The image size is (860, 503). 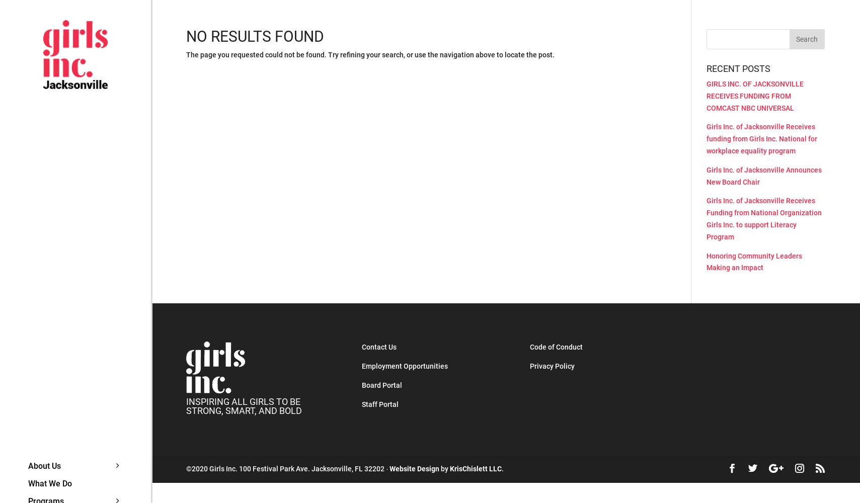 What do you see at coordinates (445, 468) in the screenshot?
I see `'by'` at bounding box center [445, 468].